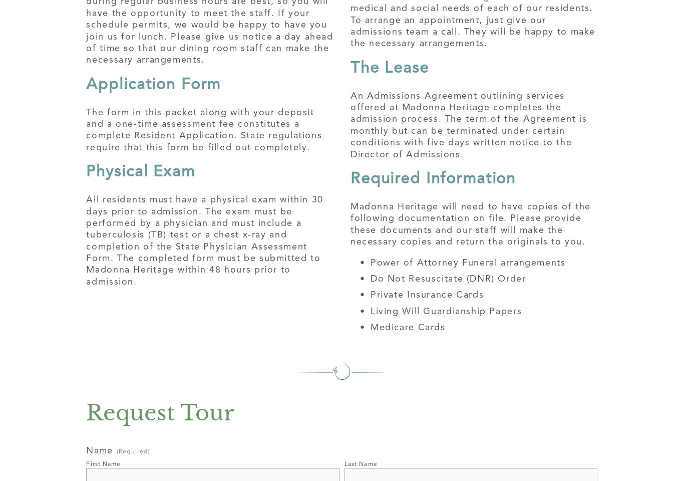 This screenshot has width=684, height=481. I want to click on 'An Admissions Agreement outlining services offered at Madonna Heritage completes the admission process. The term of the Agreement is monthly but can be terminated under certain conditions with five days written notice to the Director of Admissions.', so click(470, 123).